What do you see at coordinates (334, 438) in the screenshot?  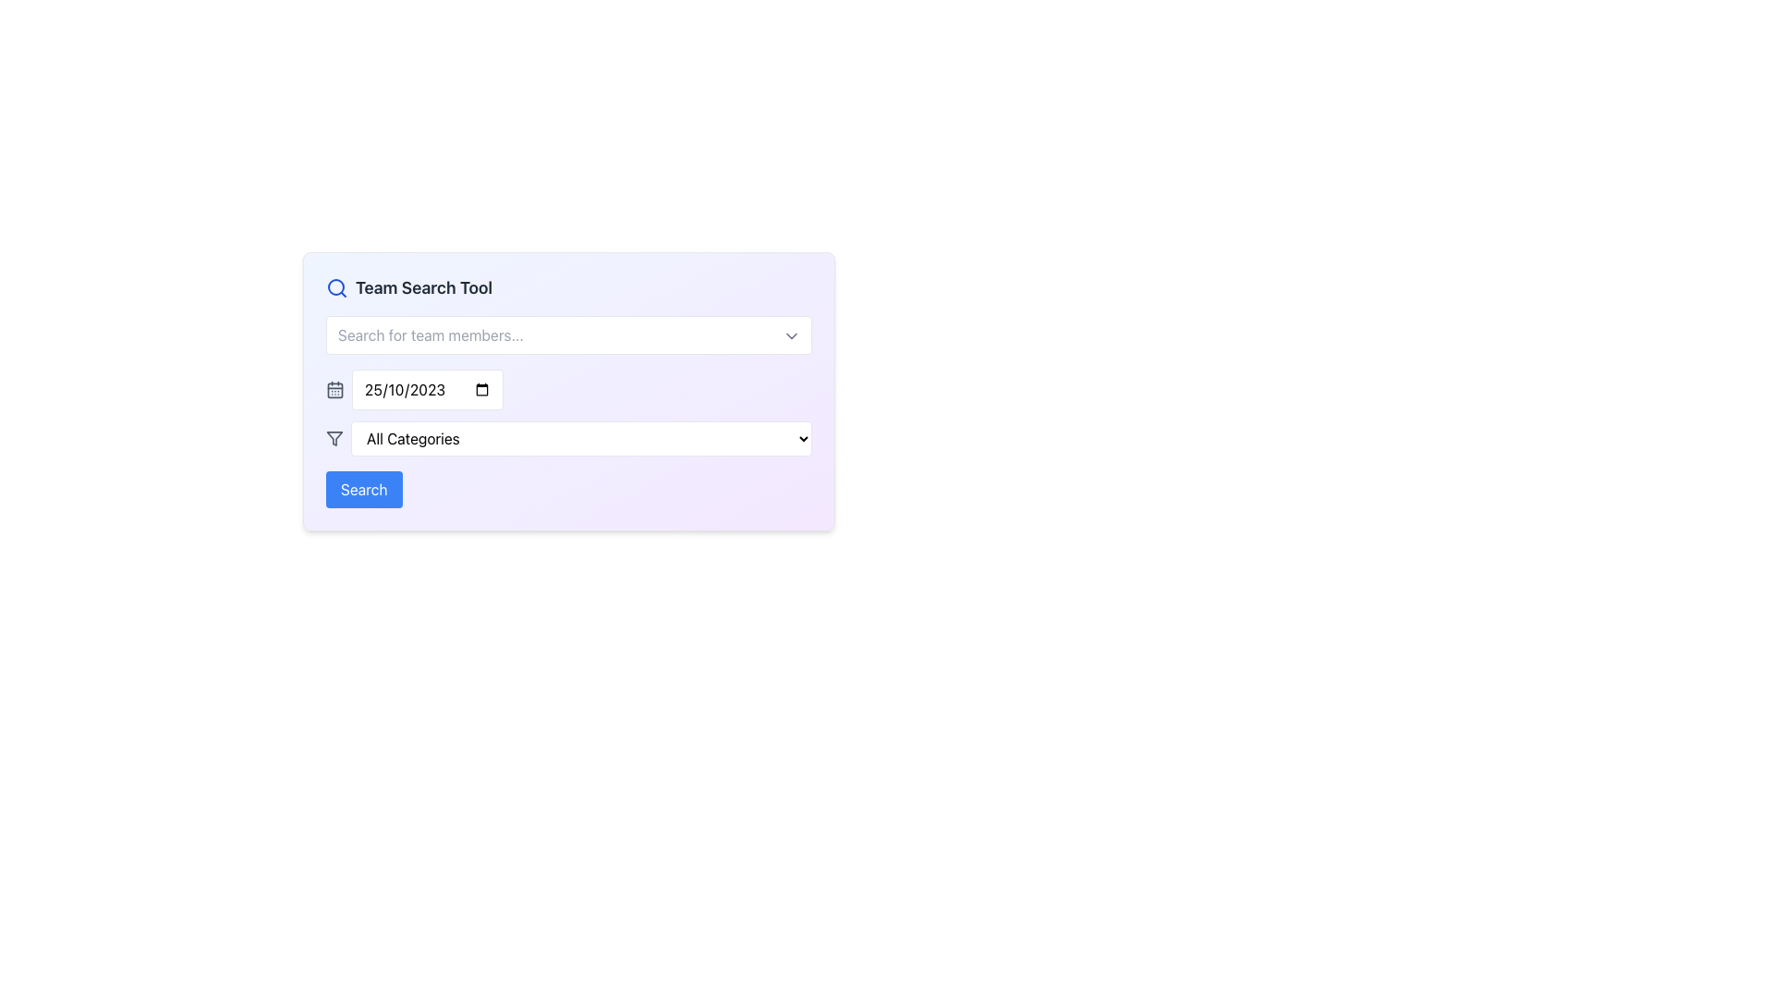 I see `the downward-pointing funnel icon with a gray outline located within the 'All Categories' dropdown` at bounding box center [334, 438].